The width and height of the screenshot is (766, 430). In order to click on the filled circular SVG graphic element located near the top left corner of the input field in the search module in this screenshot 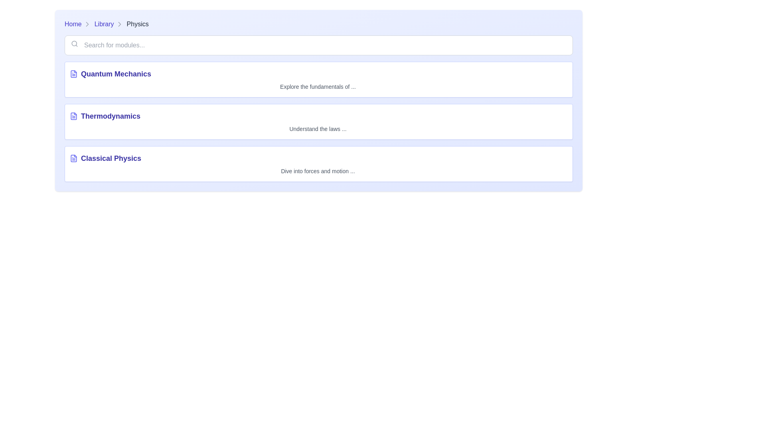, I will do `click(74, 43)`.